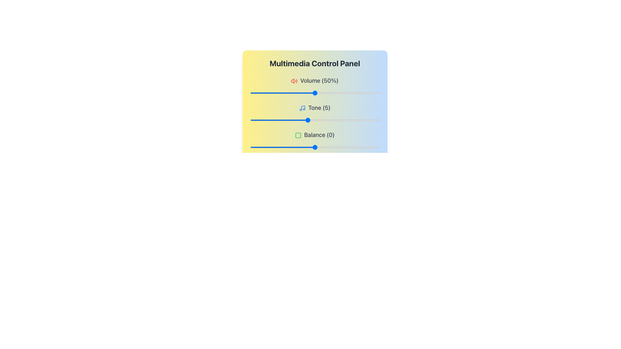  I want to click on the balance, so click(259, 147).